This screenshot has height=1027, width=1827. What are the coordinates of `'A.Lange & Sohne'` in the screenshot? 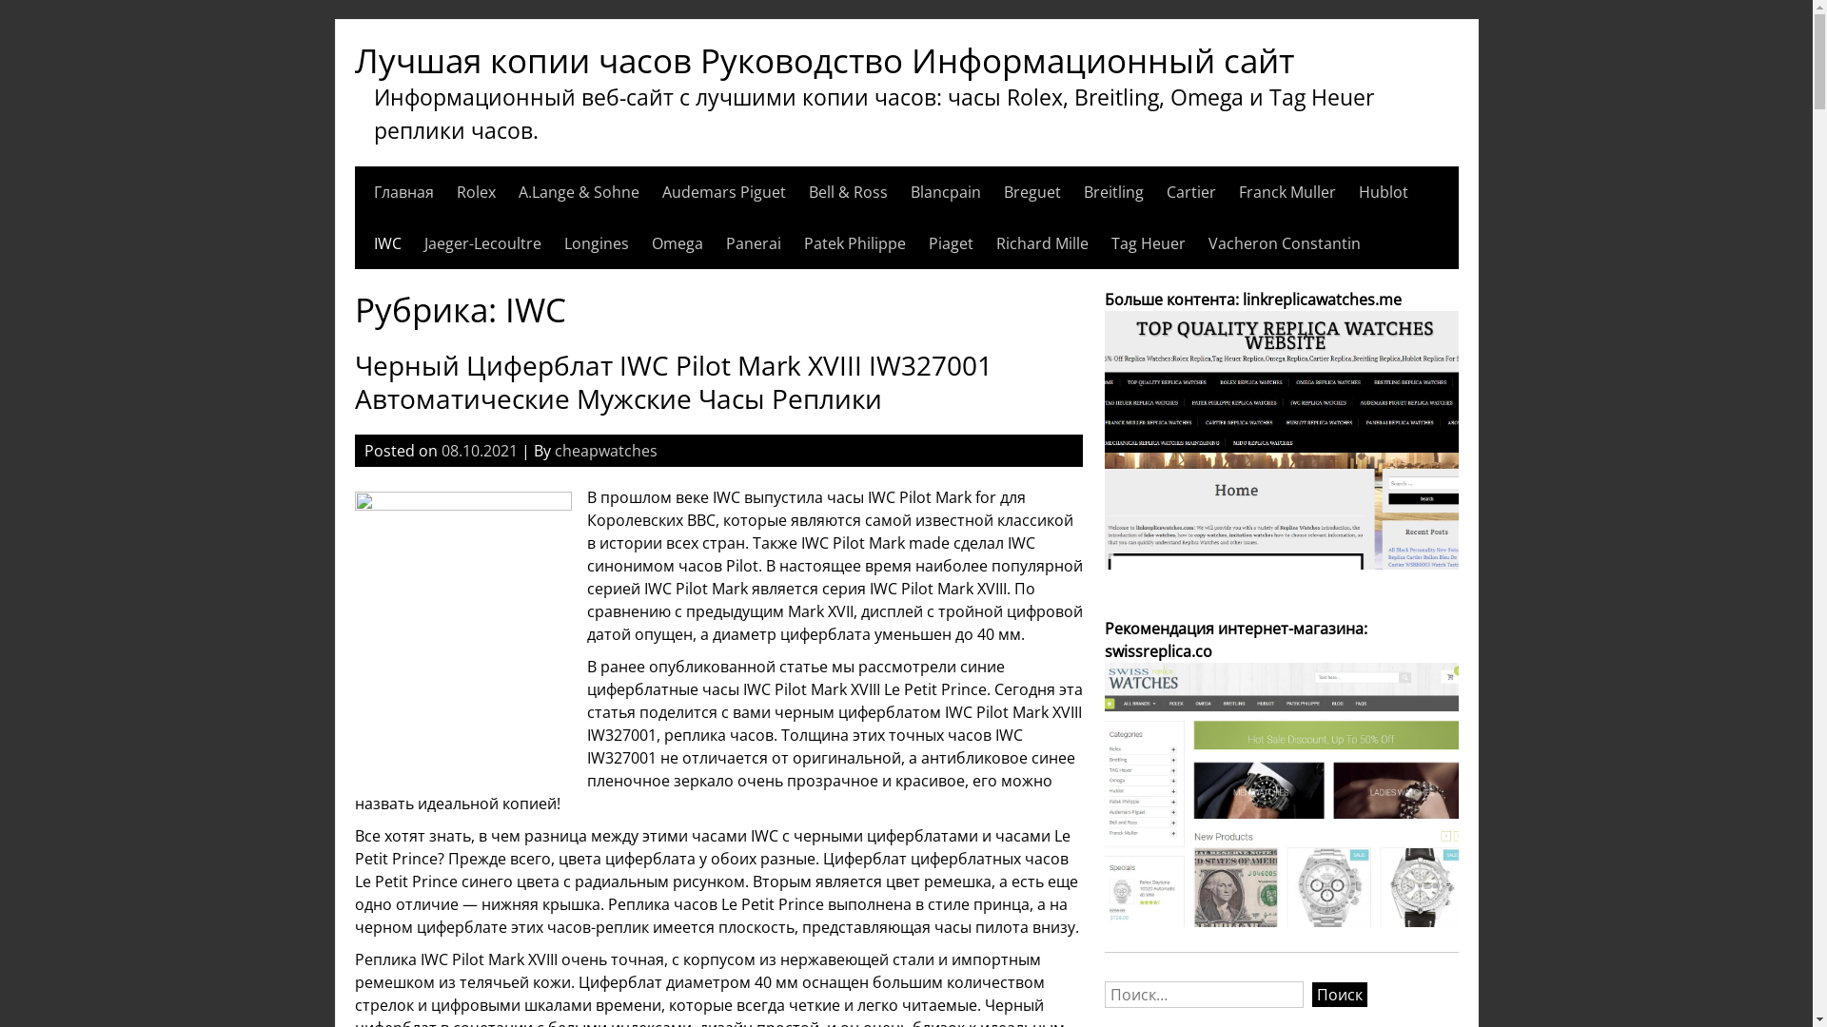 It's located at (577, 191).